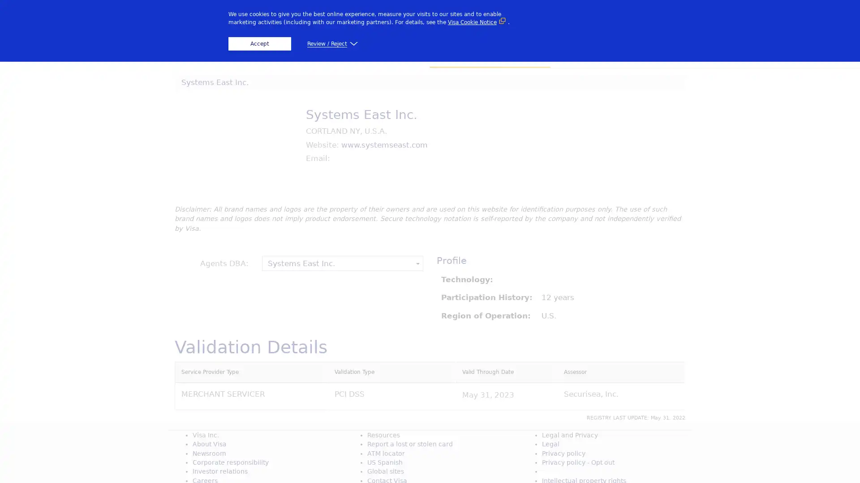 This screenshot has width=860, height=483. Describe the element at coordinates (259, 43) in the screenshot. I see `Accept` at that location.